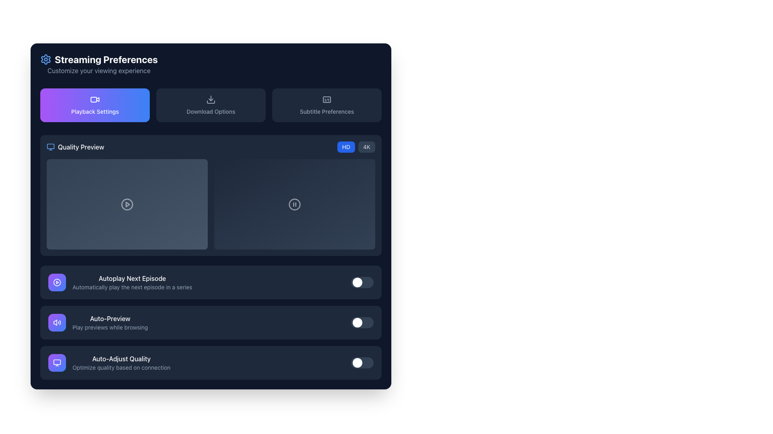 The width and height of the screenshot is (773, 434). I want to click on the 'Subtitle Preferences' button, so click(327, 99).